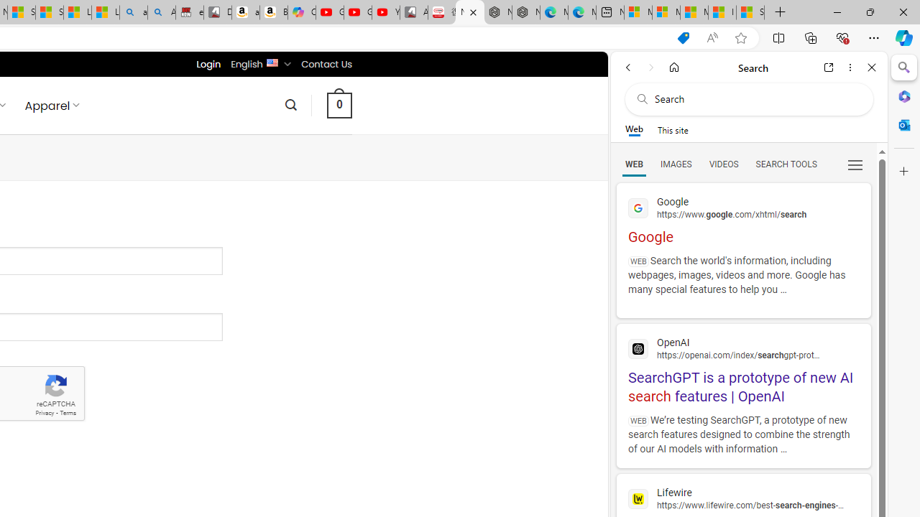 The image size is (920, 517). Describe the element at coordinates (903, 171) in the screenshot. I see `'Customize'` at that location.